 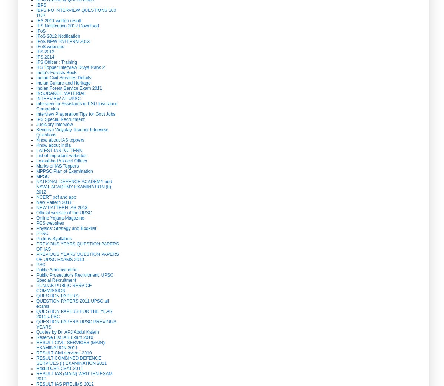 What do you see at coordinates (36, 160) in the screenshot?
I see `'Loksabha Protocol Officer'` at bounding box center [36, 160].